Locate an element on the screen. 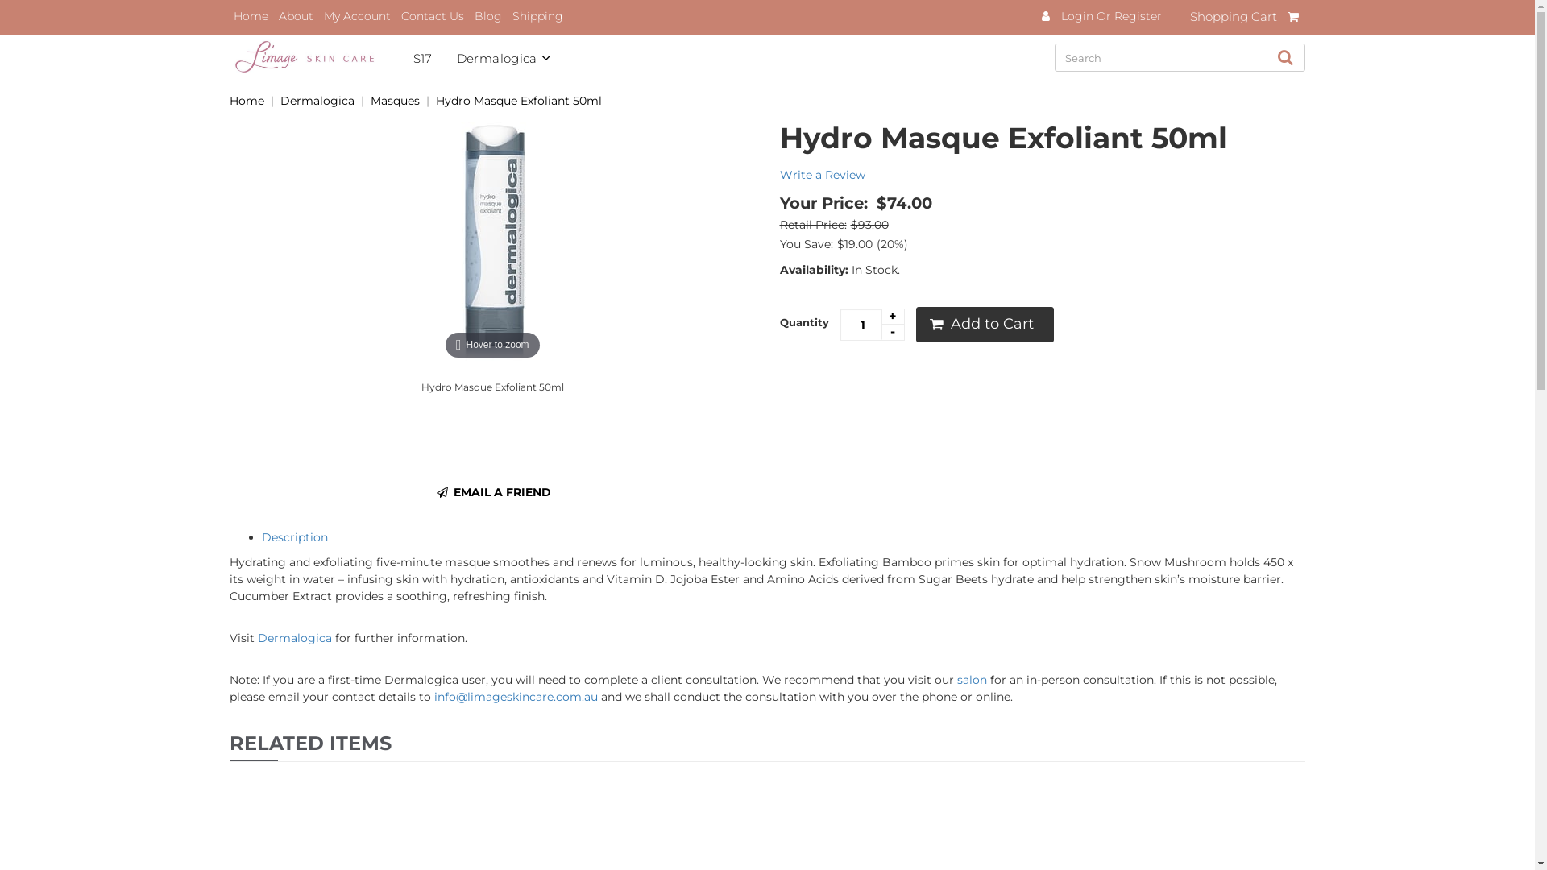 The width and height of the screenshot is (1547, 870). 'Description' is located at coordinates (262, 537).